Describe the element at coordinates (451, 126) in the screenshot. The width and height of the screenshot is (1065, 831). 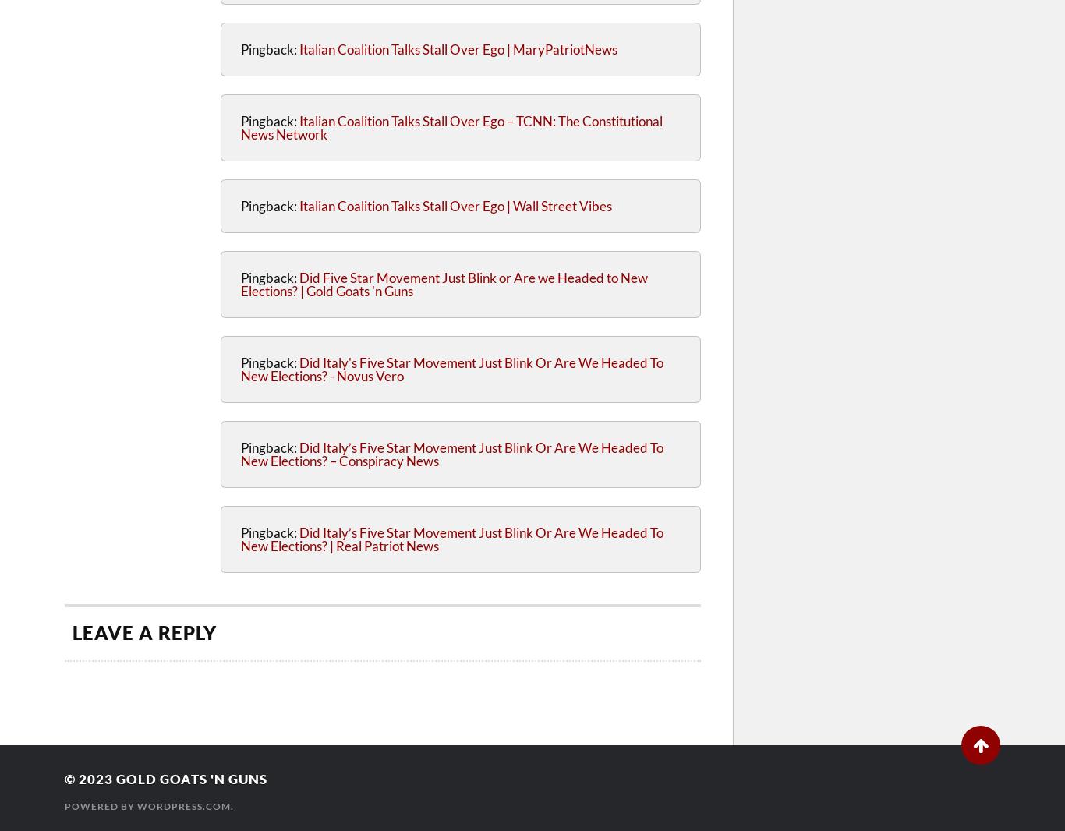
I see `'Italian Coalition Talks Stall Over Ego – TCNN: The Constitutional News Network'` at that location.